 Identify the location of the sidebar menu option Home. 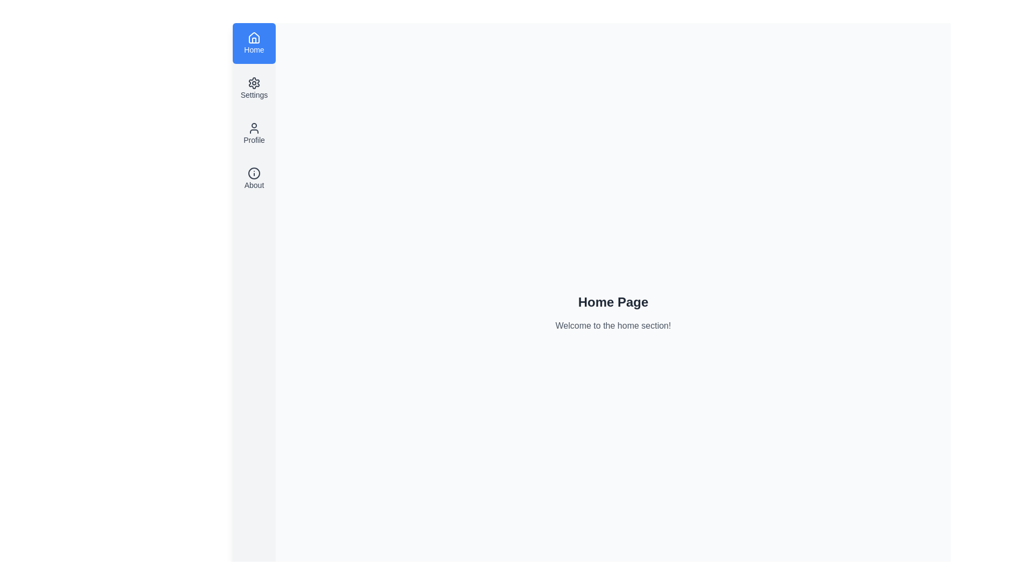
(254, 43).